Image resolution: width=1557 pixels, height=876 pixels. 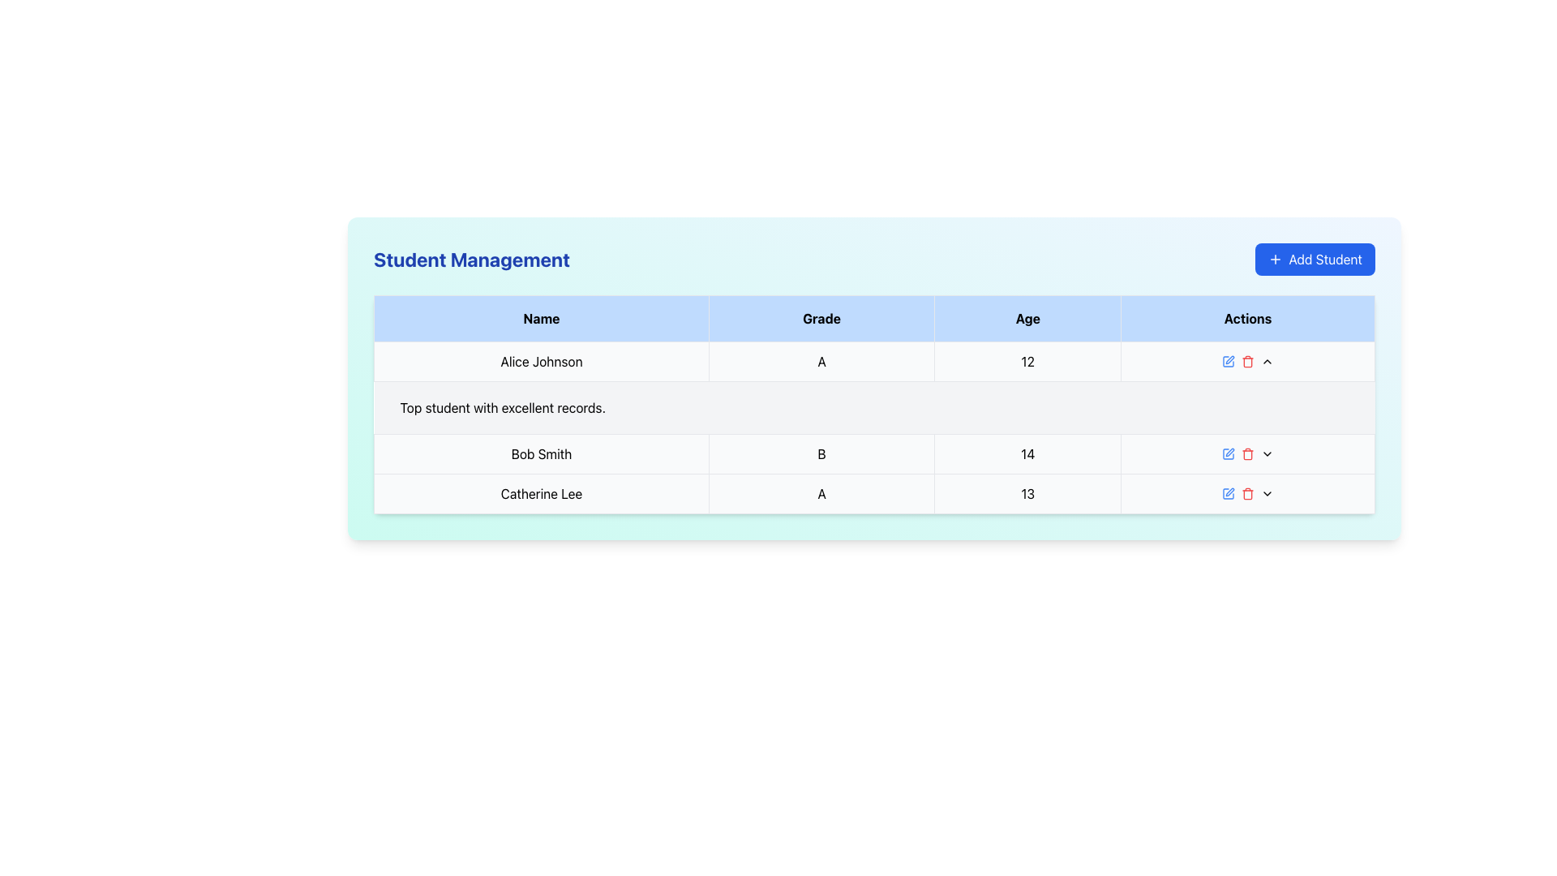 What do you see at coordinates (1230, 491) in the screenshot?
I see `the edit button in the 'Actions' column for 'Bob Smith'` at bounding box center [1230, 491].